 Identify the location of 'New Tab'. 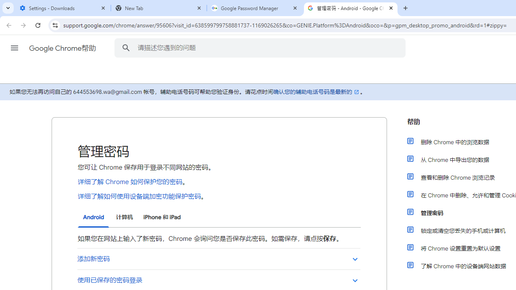
(159, 8).